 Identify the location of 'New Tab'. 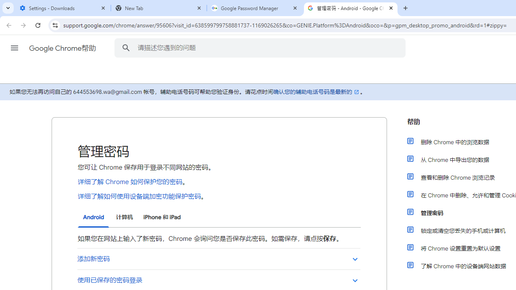
(159, 8).